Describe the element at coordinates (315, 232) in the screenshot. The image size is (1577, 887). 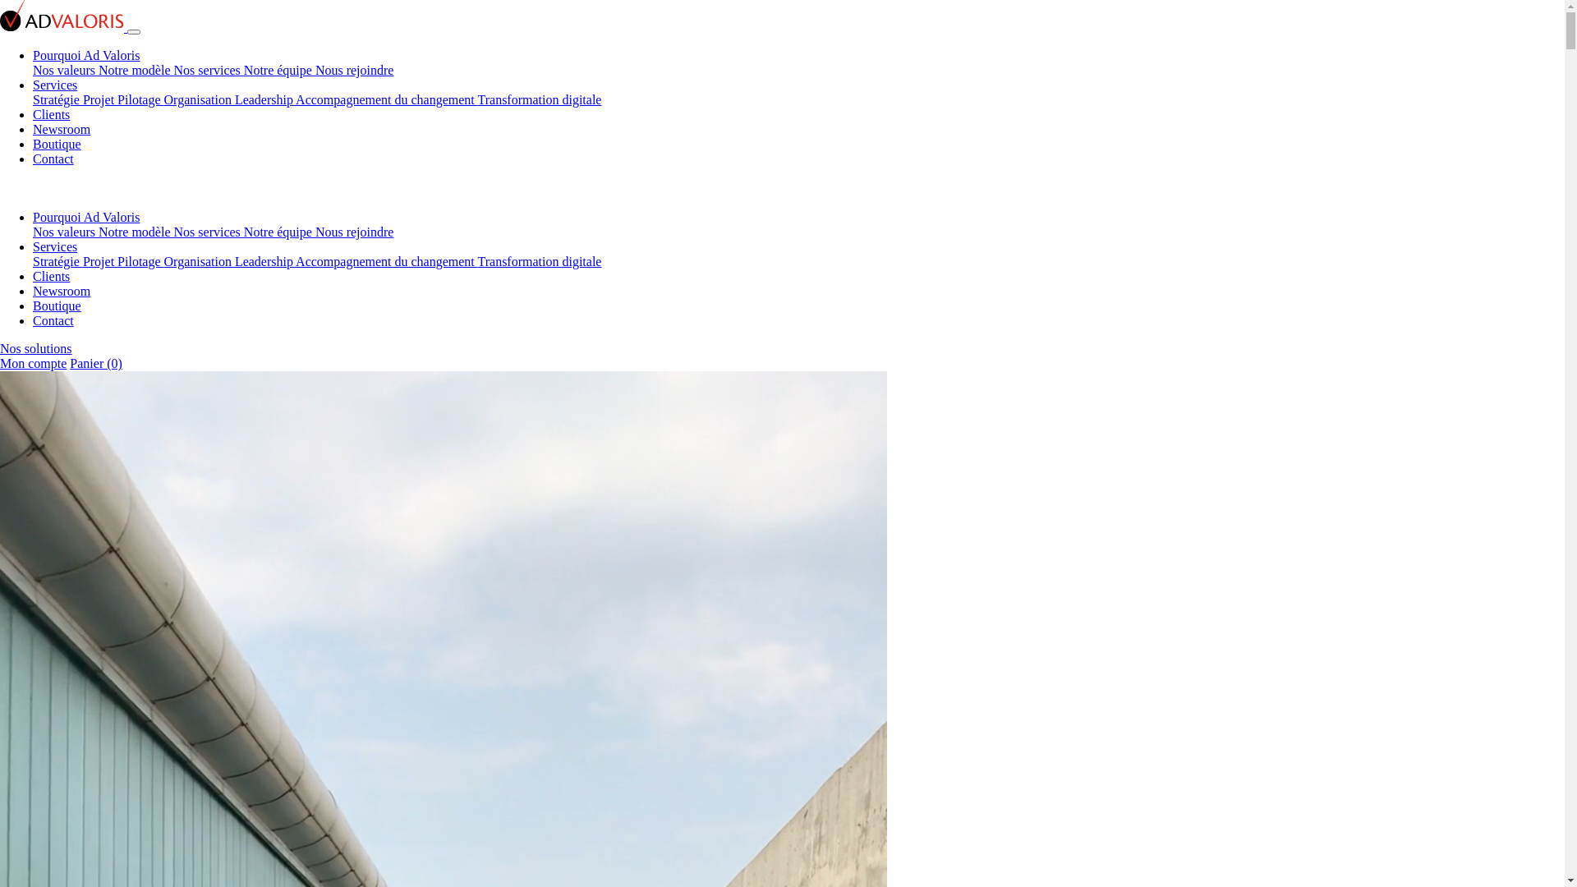
I see `'Nous rejoindre'` at that location.